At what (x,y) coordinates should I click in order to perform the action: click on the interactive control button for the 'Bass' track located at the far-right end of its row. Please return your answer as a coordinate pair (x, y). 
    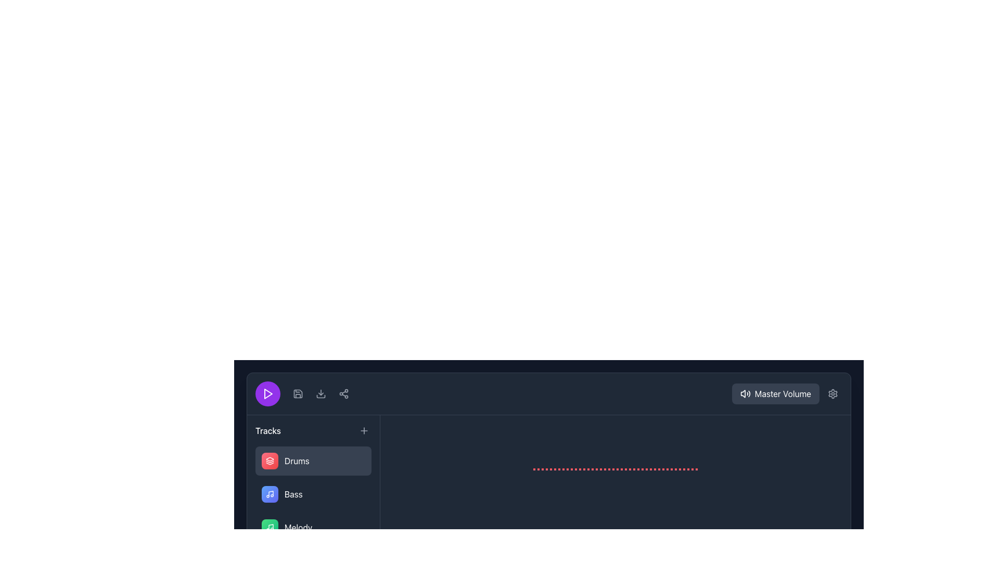
    Looking at the image, I should click on (359, 493).